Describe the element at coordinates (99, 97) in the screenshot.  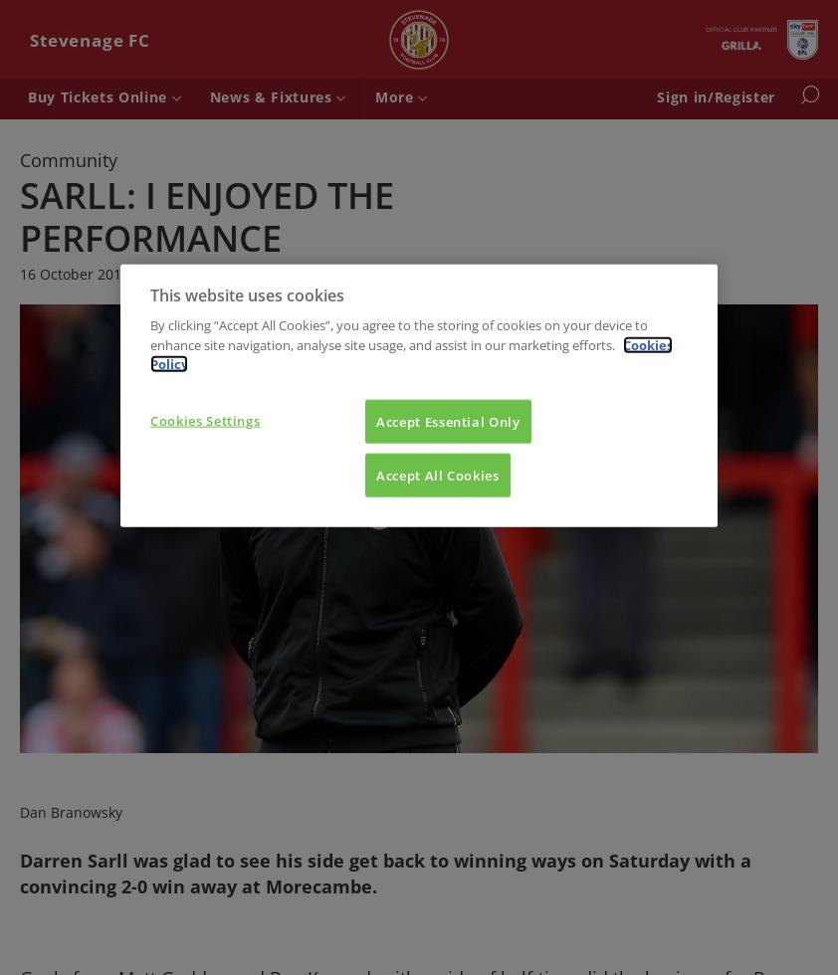
I see `'Buy Tickets Online'` at that location.